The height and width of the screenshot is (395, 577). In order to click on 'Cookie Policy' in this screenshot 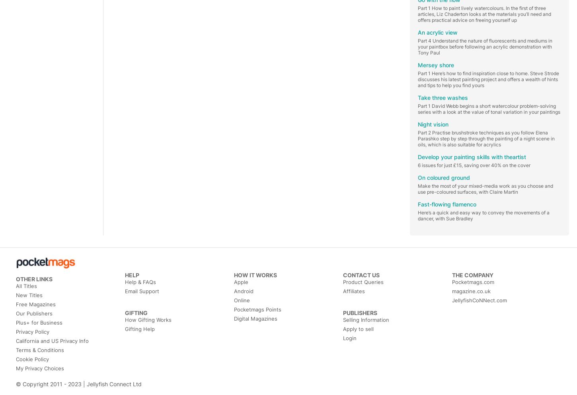, I will do `click(32, 359)`.